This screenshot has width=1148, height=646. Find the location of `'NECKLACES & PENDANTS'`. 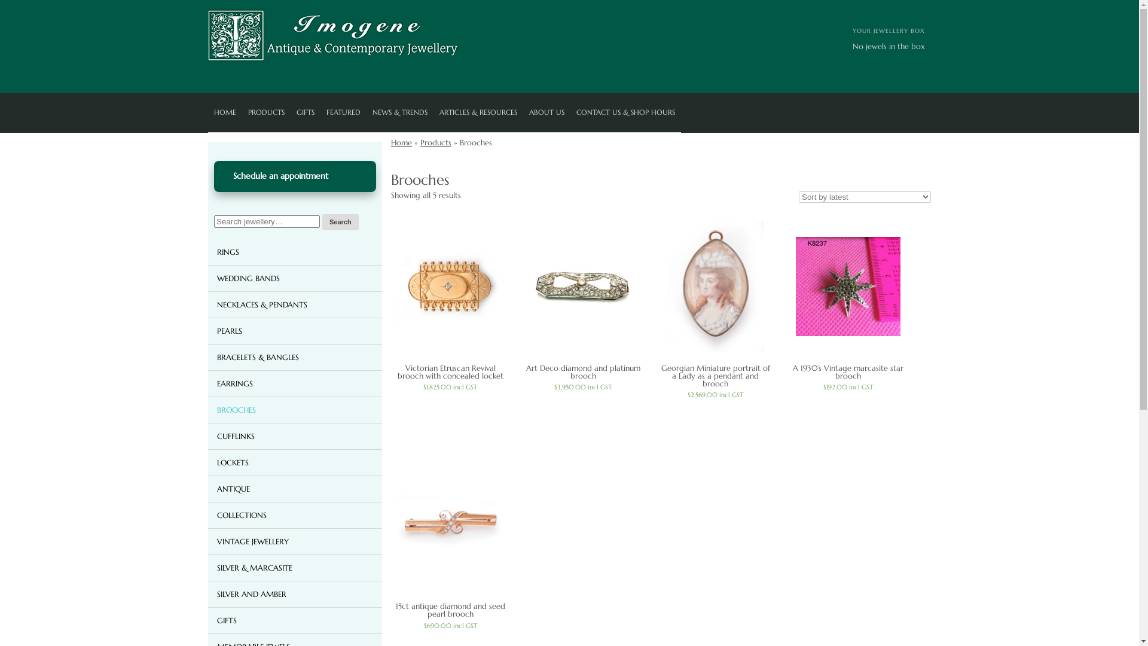

'NECKLACES & PENDANTS' is located at coordinates (295, 303).